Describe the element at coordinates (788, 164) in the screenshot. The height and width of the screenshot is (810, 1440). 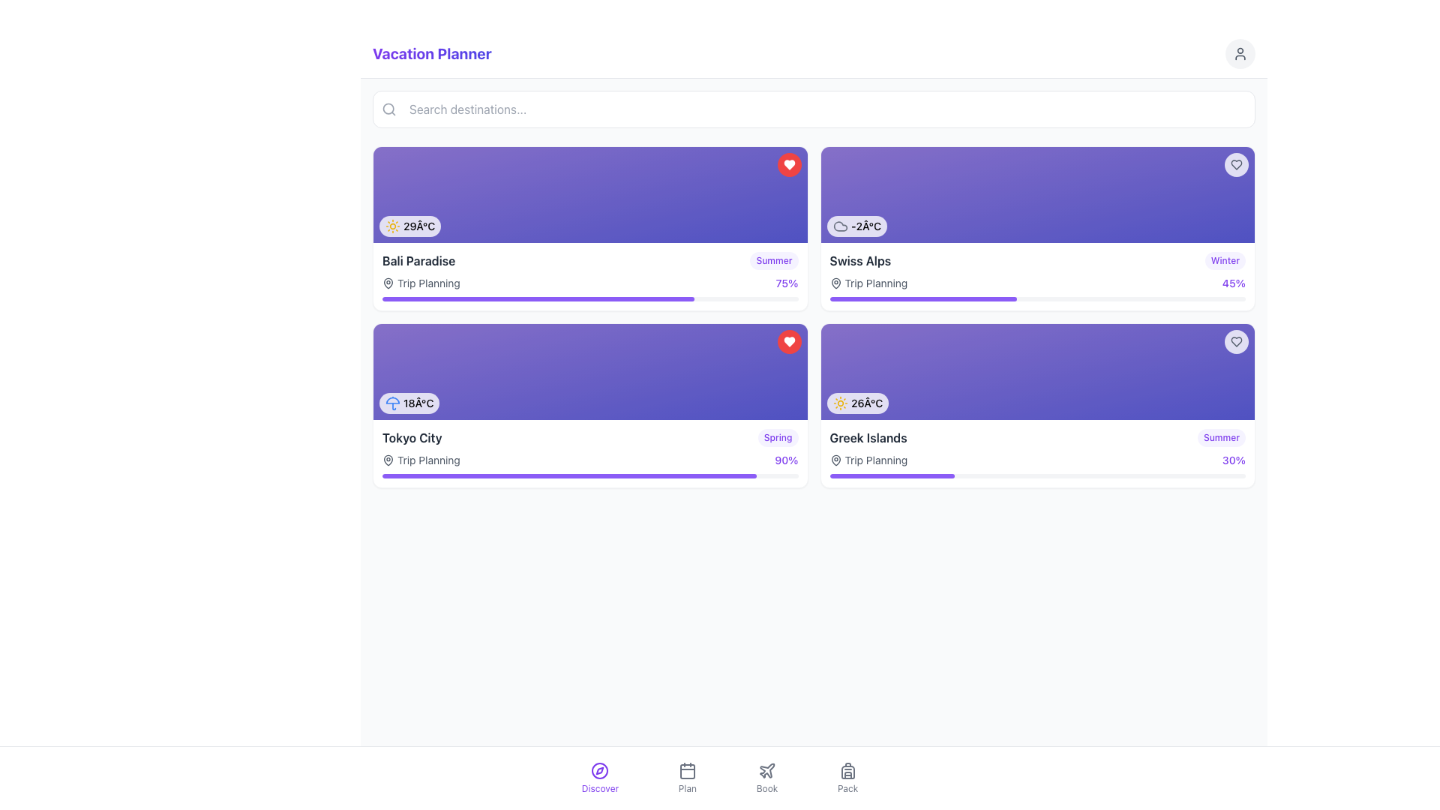
I see `the circular button with a red background and white heart icon located at the top-right corner of the 'Bali Paradise' card` at that location.